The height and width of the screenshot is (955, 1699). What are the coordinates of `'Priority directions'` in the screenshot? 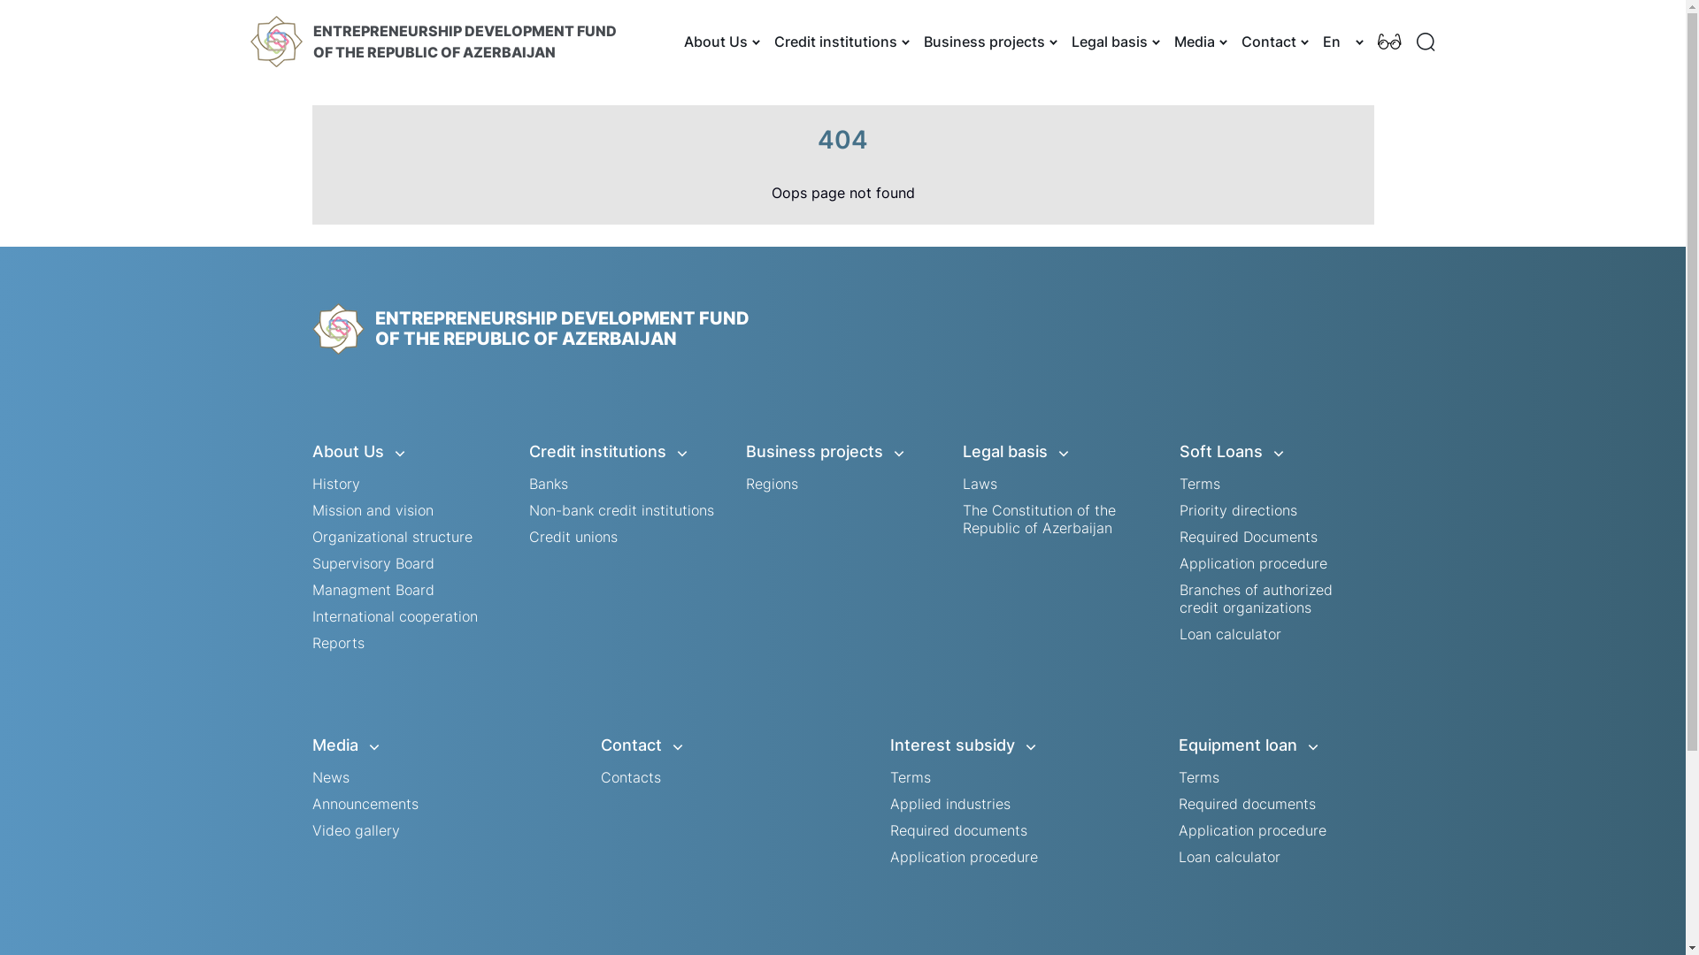 It's located at (1236, 510).